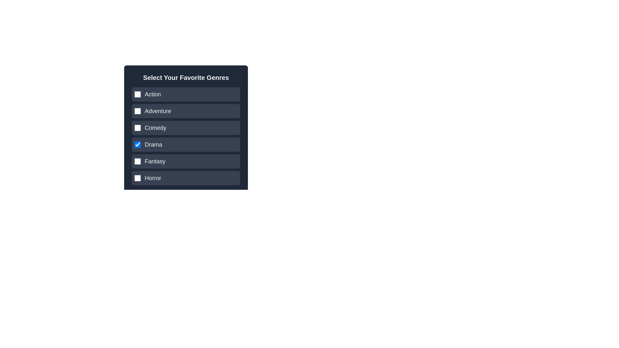 This screenshot has height=348, width=619. Describe the element at coordinates (155, 128) in the screenshot. I see `the text label displaying 'Comedy', which is positioned to the right of the checkbox and appears as the third item in a list below 'Adventure' and above 'Drama'` at that location.